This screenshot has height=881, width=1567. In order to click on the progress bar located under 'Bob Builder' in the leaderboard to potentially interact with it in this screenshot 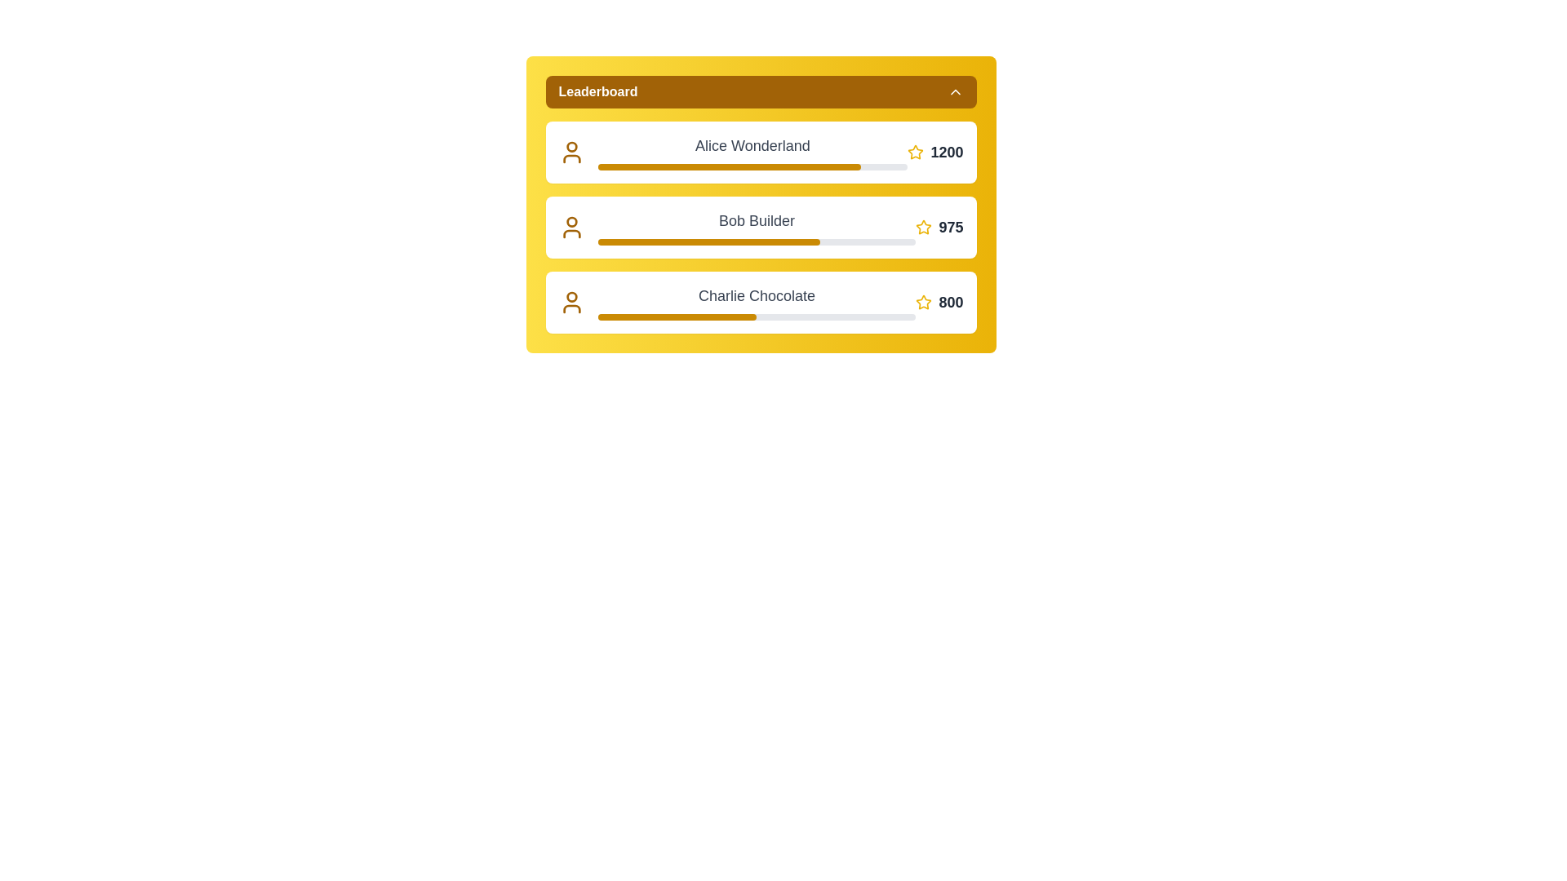, I will do `click(756, 242)`.